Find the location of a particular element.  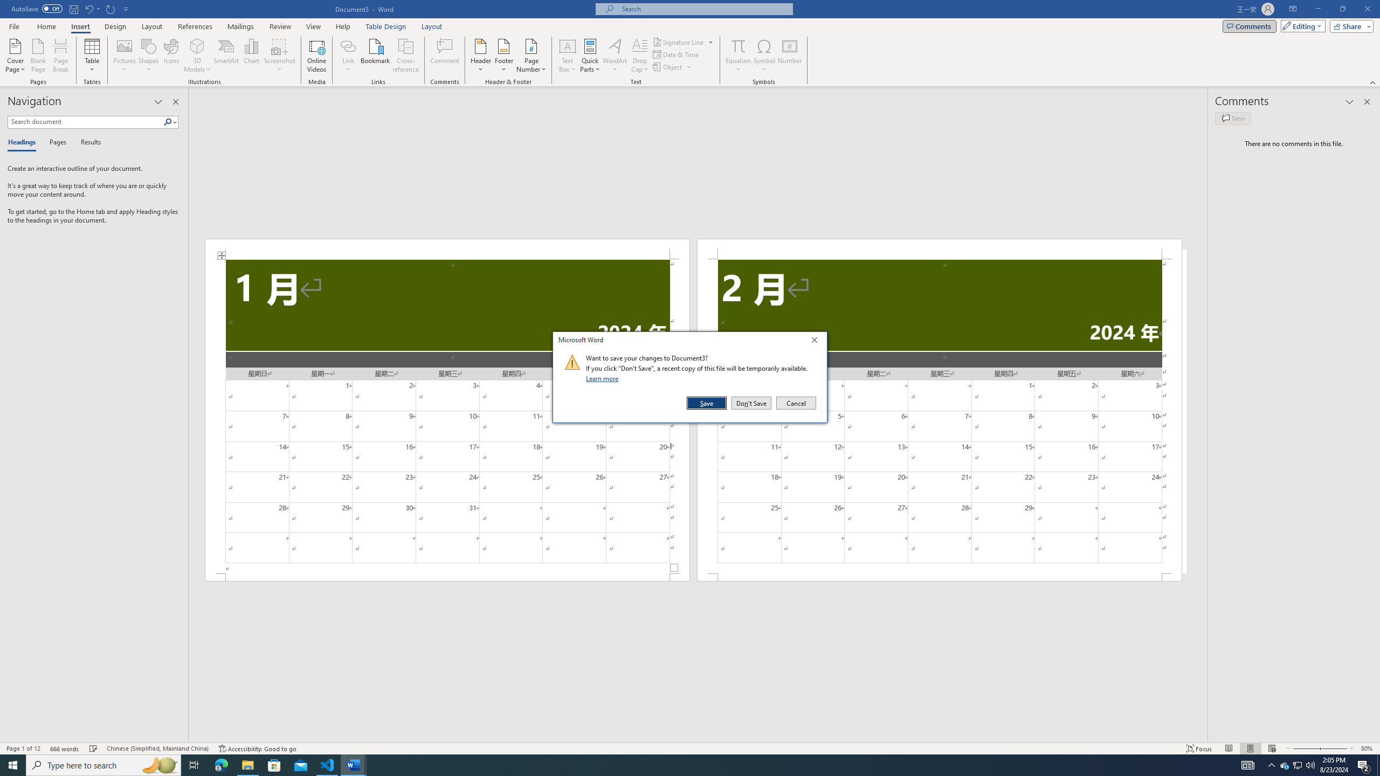

'Footer' is located at coordinates (503, 56).